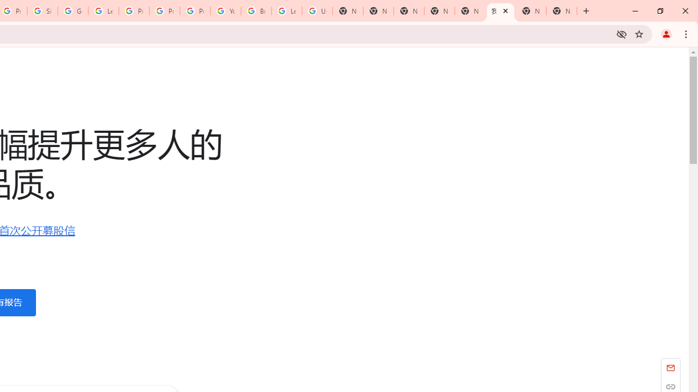 This screenshot has height=392, width=698. I want to click on 'YouTube', so click(225, 11).